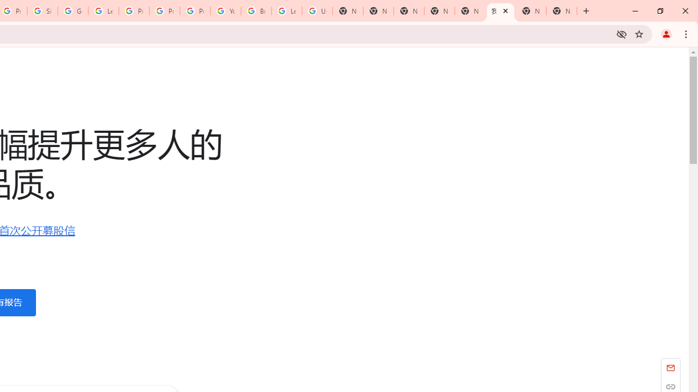 This screenshot has height=392, width=698. I want to click on 'YouTube', so click(225, 11).